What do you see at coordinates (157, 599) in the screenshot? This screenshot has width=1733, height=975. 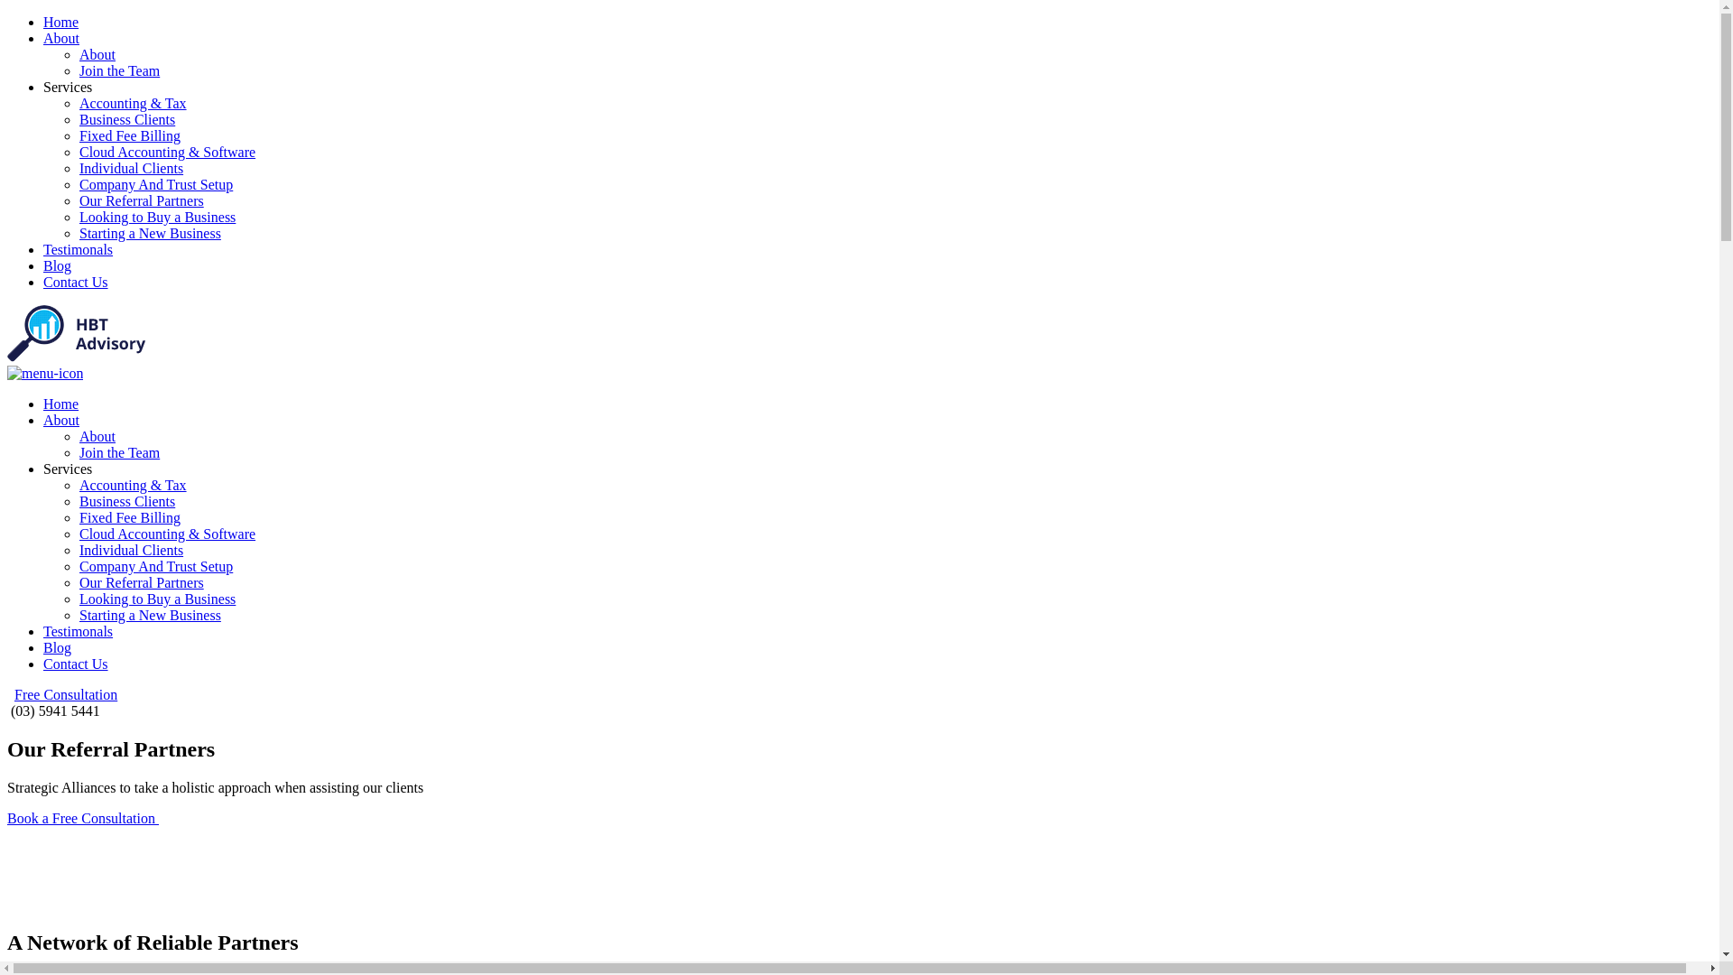 I see `'Looking to Buy a Business'` at bounding box center [157, 599].